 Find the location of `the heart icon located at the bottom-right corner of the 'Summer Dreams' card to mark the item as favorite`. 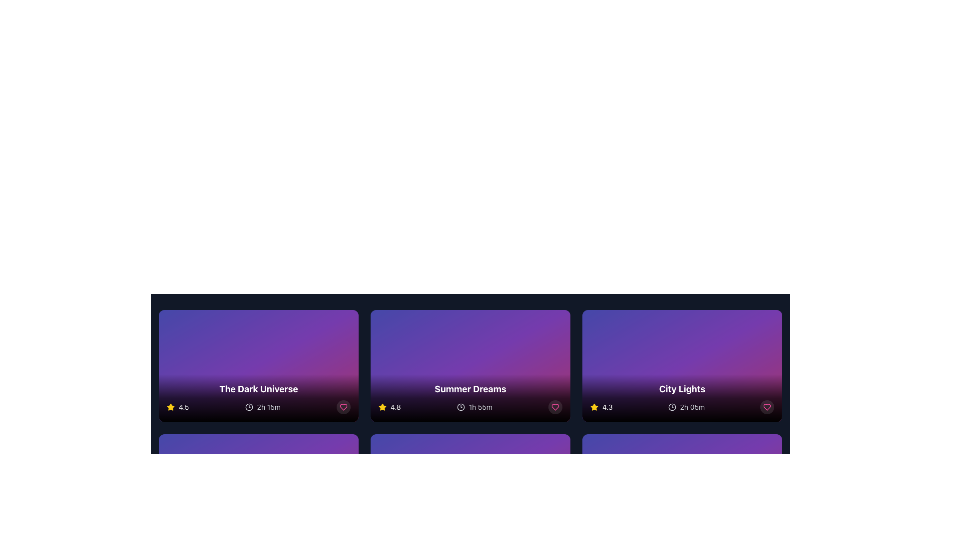

the heart icon located at the bottom-right corner of the 'Summer Dreams' card to mark the item as favorite is located at coordinates (555, 407).